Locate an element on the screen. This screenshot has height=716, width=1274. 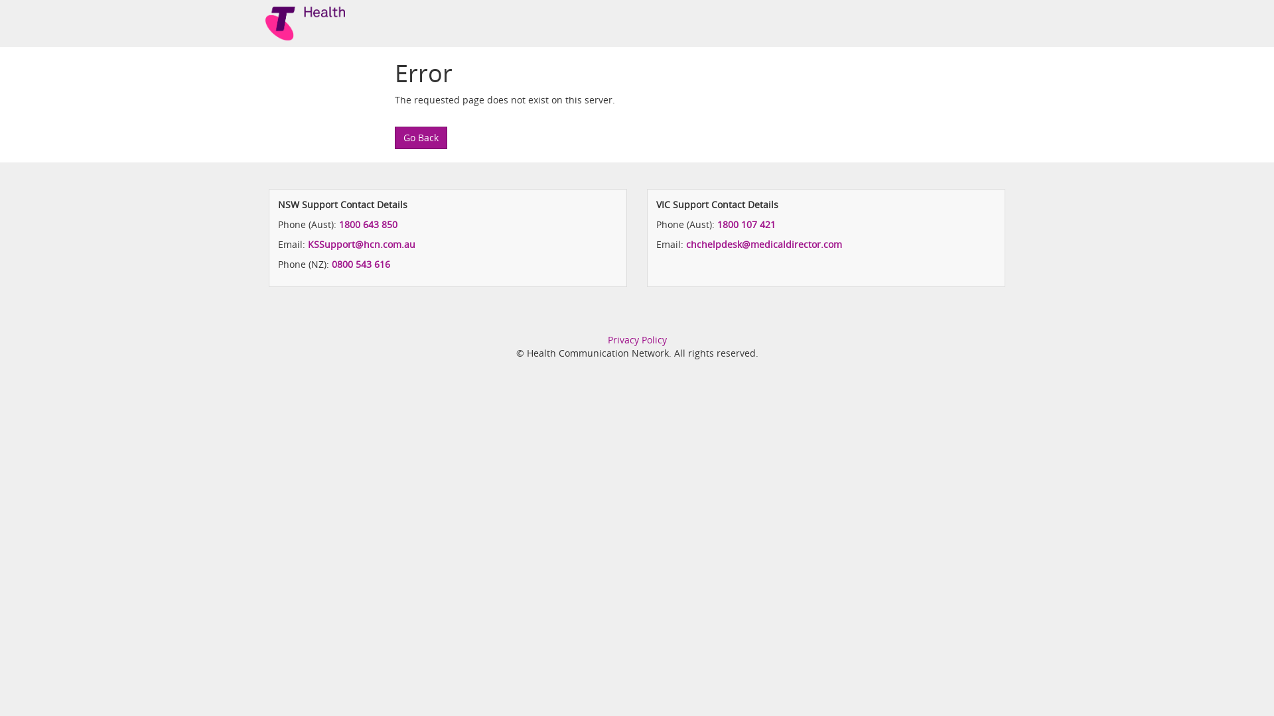
'Privacy Policy' is located at coordinates (607, 339).